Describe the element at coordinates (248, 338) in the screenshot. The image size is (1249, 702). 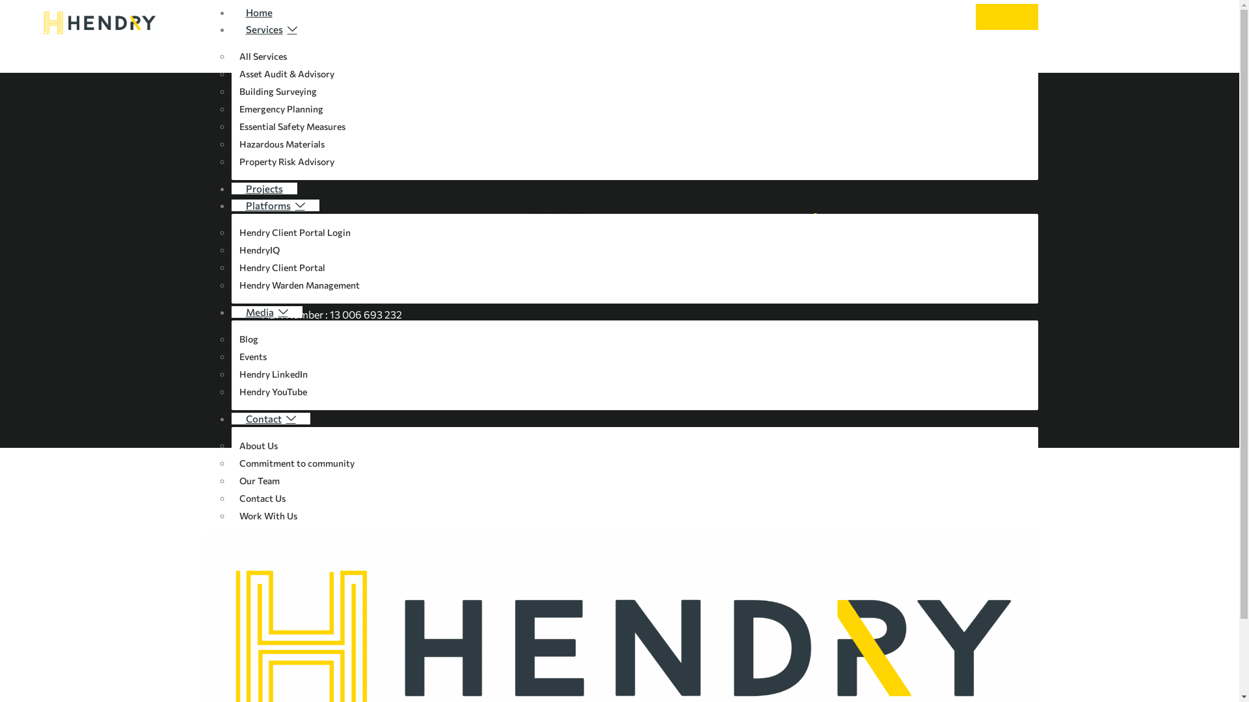
I see `'Blog'` at that location.